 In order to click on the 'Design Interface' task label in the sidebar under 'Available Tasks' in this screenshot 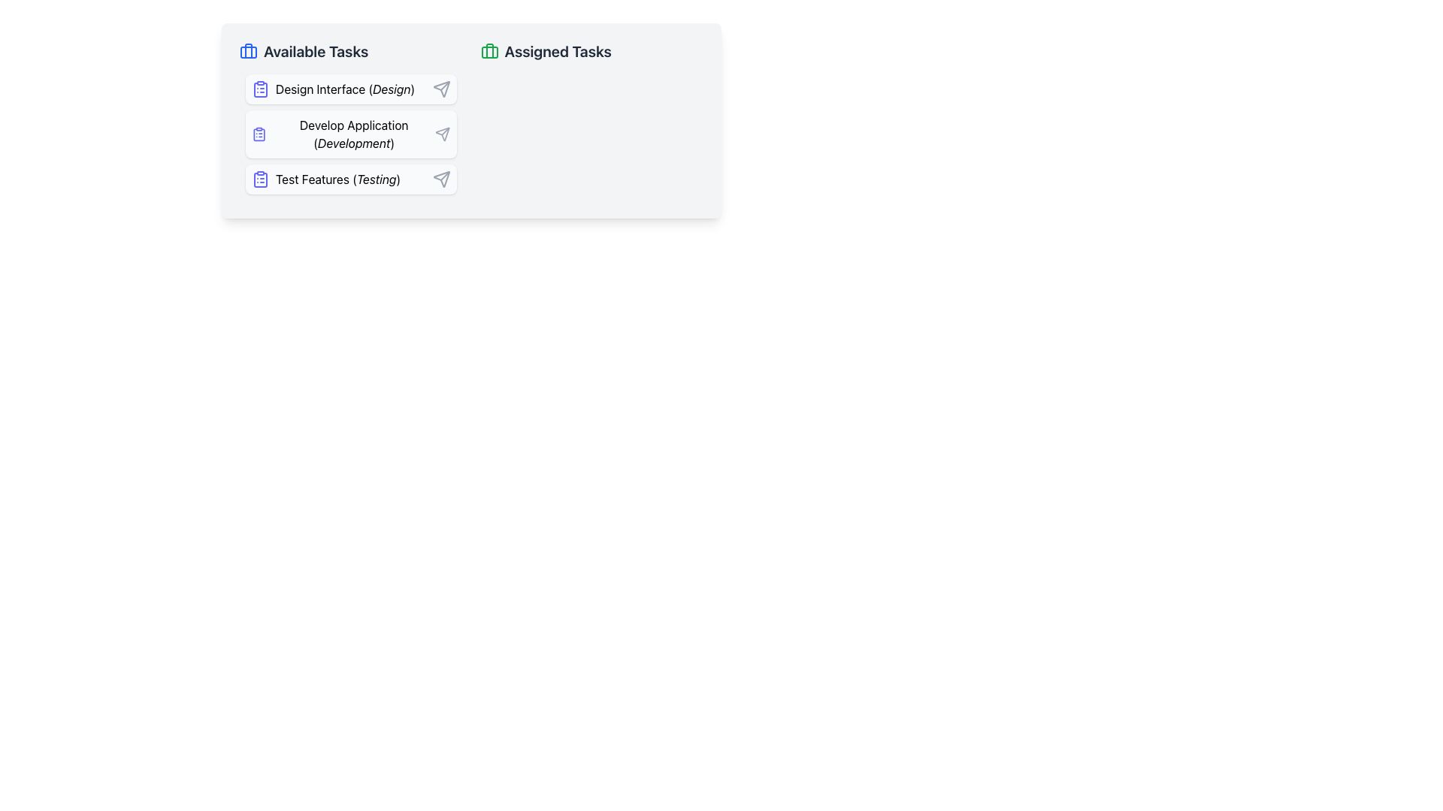, I will do `click(332, 89)`.